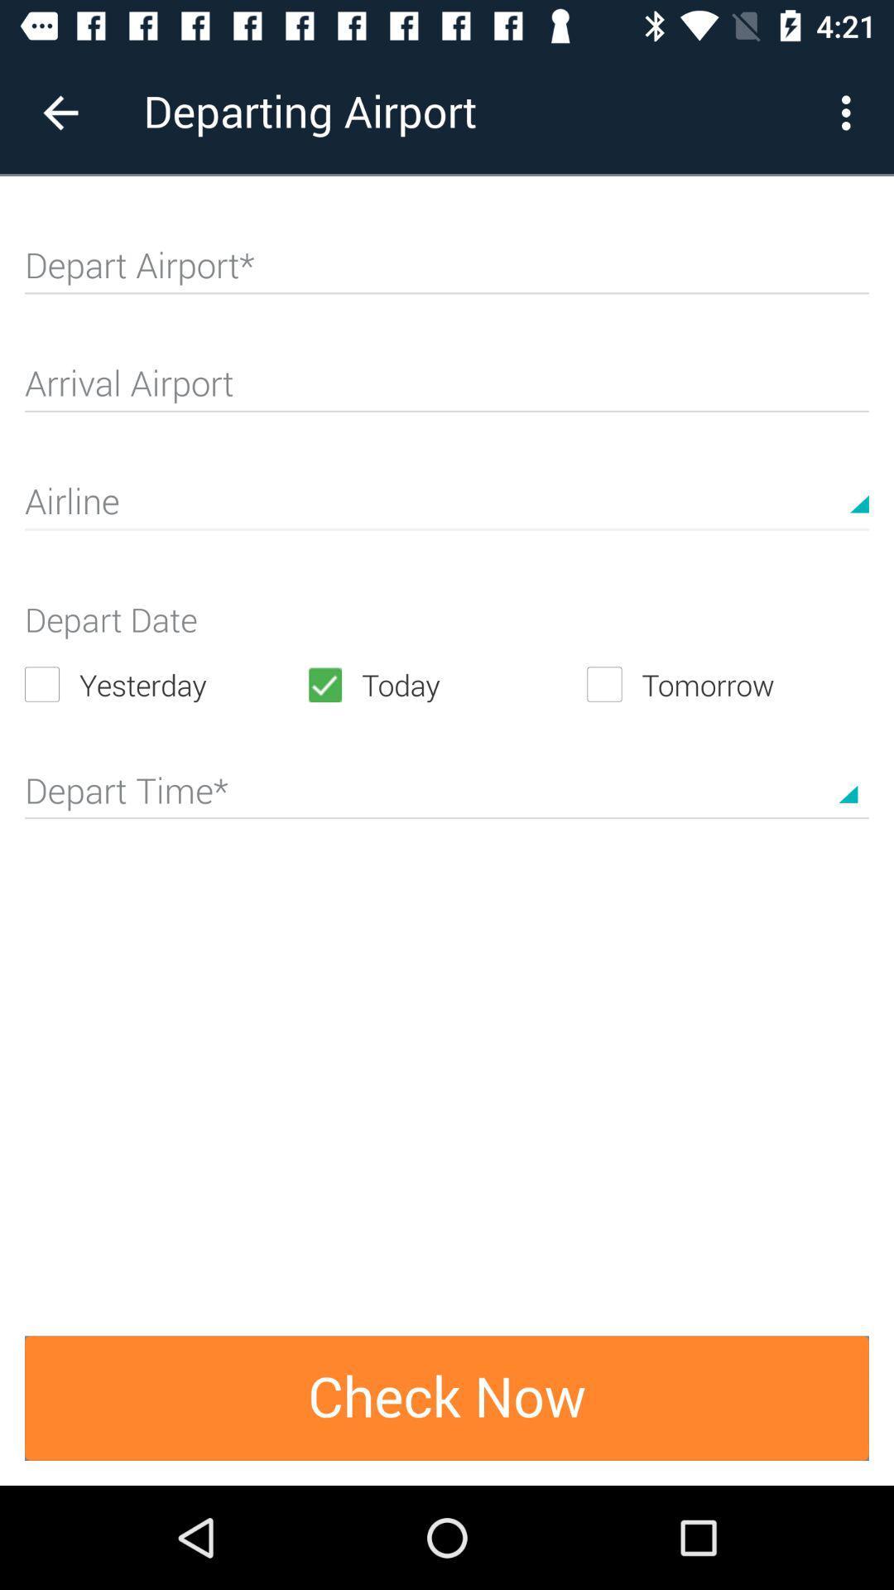 The height and width of the screenshot is (1590, 894). Describe the element at coordinates (850, 112) in the screenshot. I see `icon to the right of departing airport icon` at that location.